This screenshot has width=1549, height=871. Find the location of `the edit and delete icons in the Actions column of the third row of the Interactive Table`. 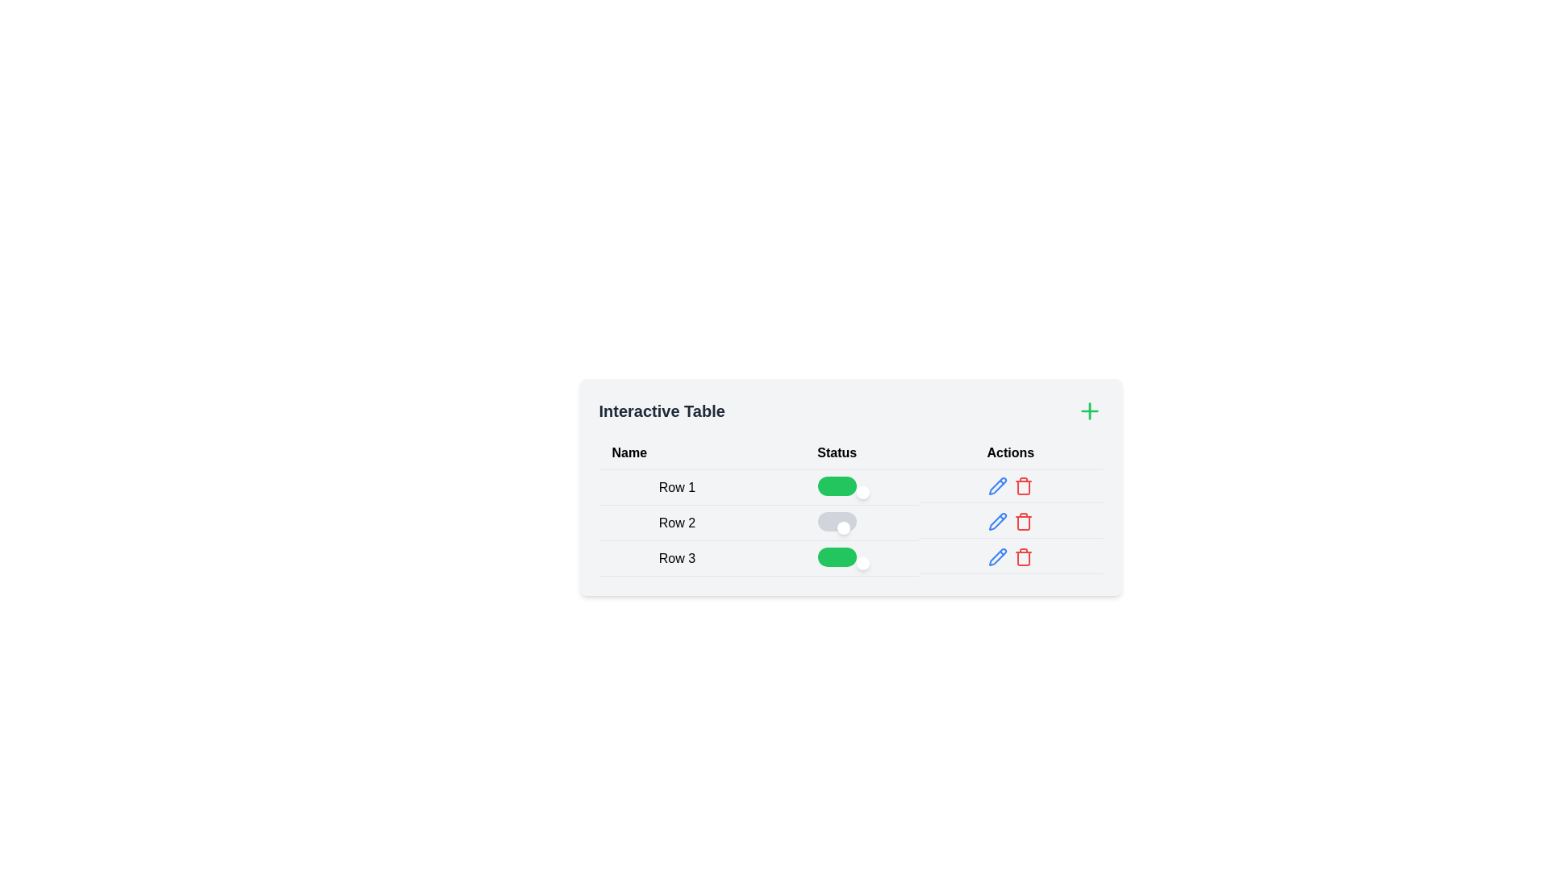

the edit and delete icons in the Actions column of the third row of the Interactive Table is located at coordinates (1009, 556).